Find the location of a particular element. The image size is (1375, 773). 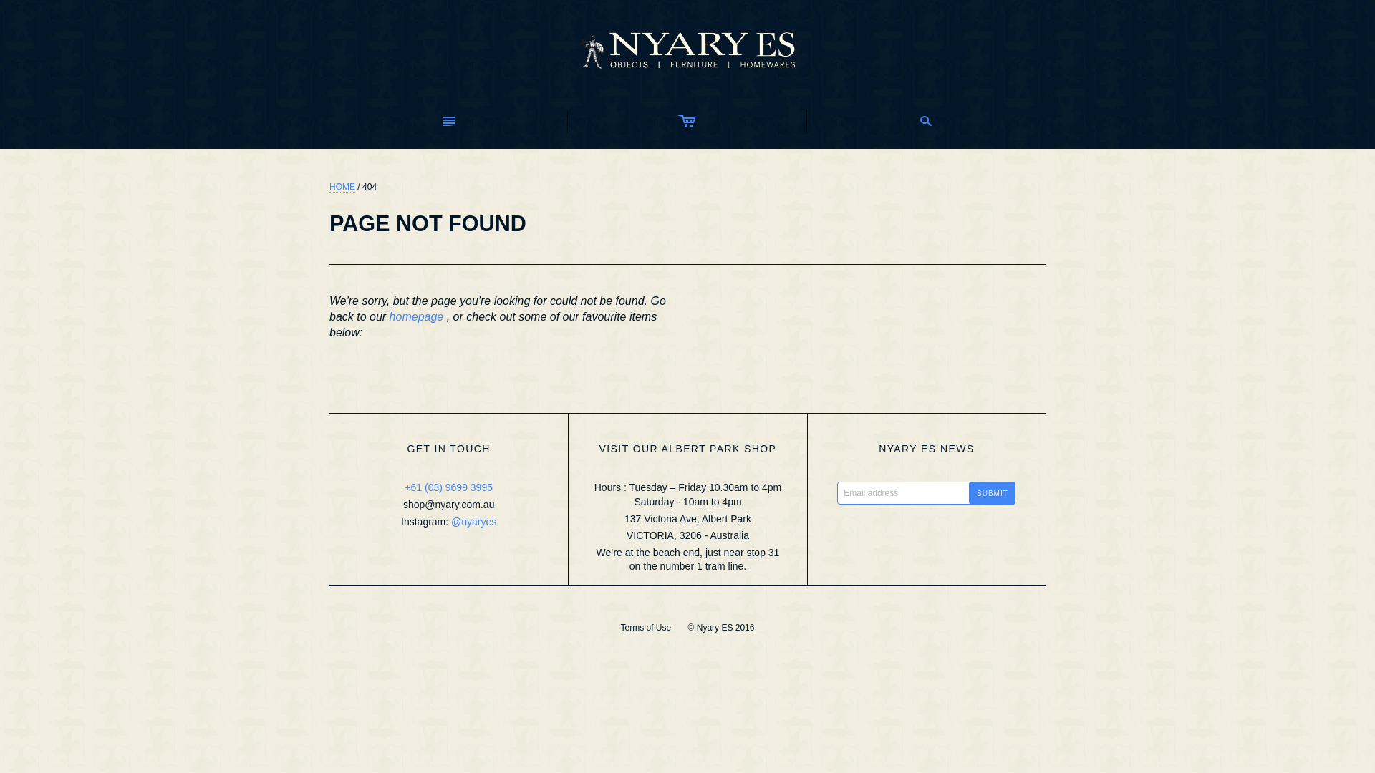

'c' is located at coordinates (686, 120).